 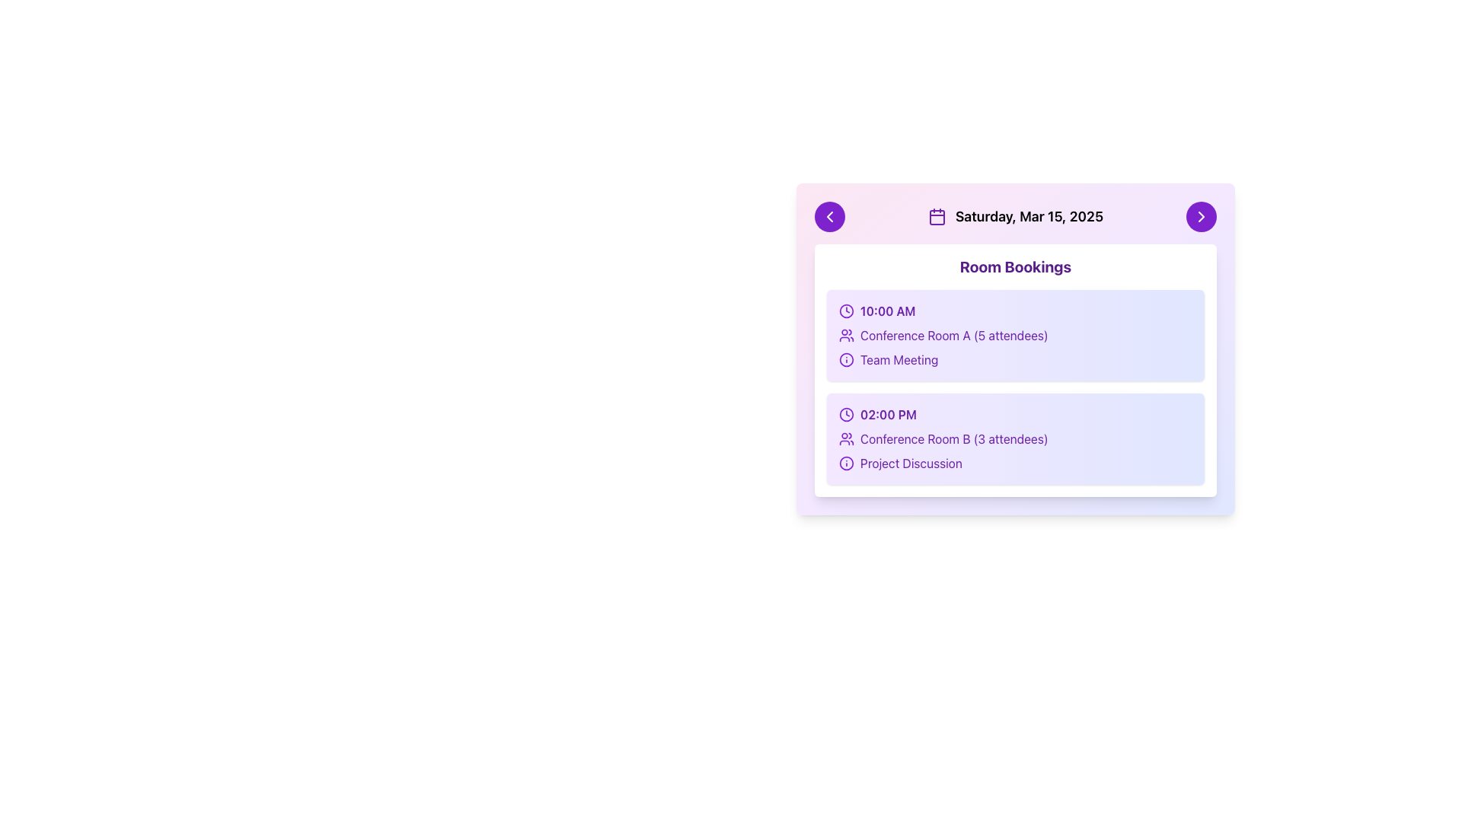 I want to click on the circular outline of the SVG clock icon, which is part of the room bookings UI, located to the left of the '02:00 PM' time entry, so click(x=846, y=414).